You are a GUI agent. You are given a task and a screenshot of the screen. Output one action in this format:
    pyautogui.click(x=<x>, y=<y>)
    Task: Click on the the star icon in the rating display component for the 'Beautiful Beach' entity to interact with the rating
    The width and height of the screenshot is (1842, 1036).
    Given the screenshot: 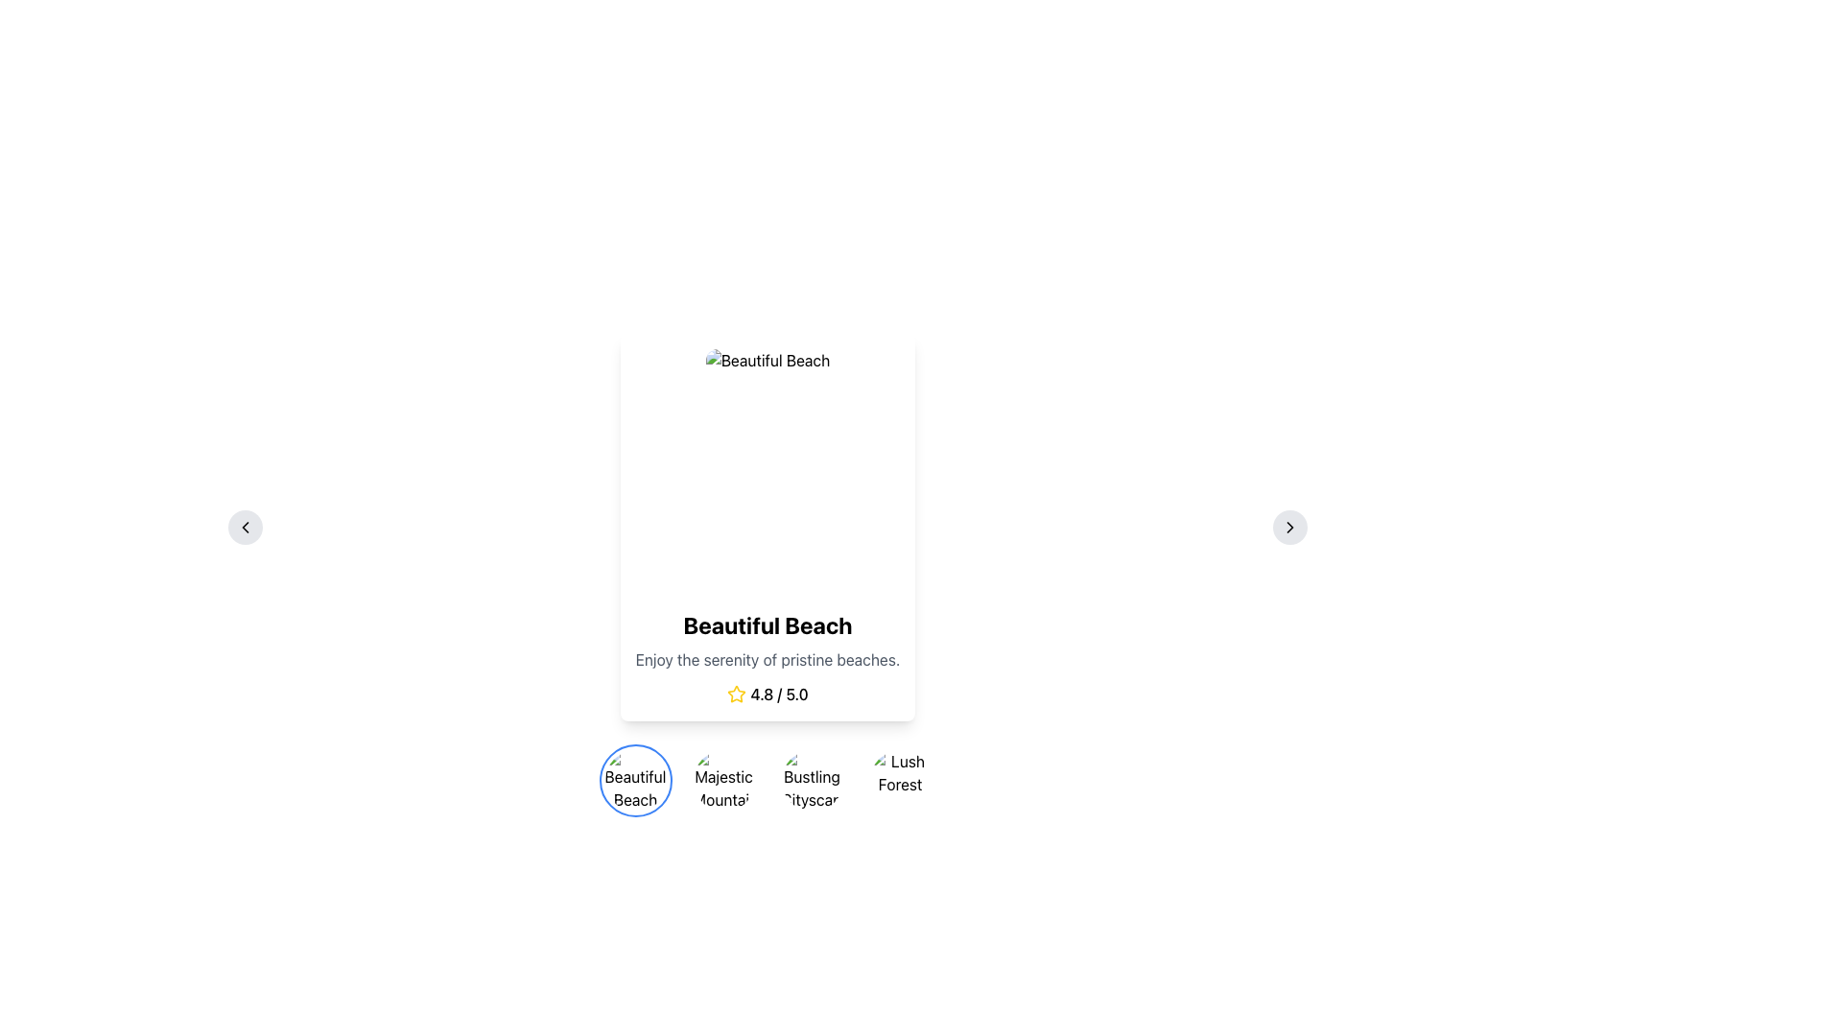 What is the action you would take?
    pyautogui.click(x=767, y=695)
    